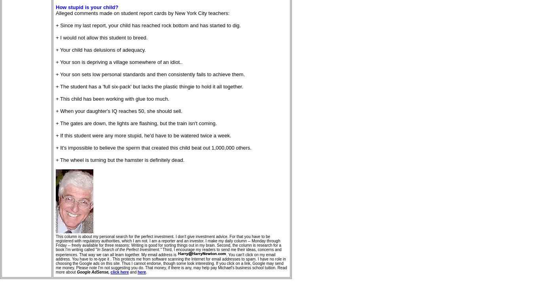 This screenshot has height=285, width=534. Describe the element at coordinates (169, 243) in the screenshot. I see `'his column is about my personal search 
  for the perfect investment. I don't give investment advice. For that you have 
  to be registered with regulatory authorities, which I am not. I am a reporter 
  and an investor. I make my daily column -- Monday through Friday -- freely available 
  for three reasons: Writing is good for sorting things out in my brain. Second, 
  the column is research for a book I'm writing called "'` at that location.